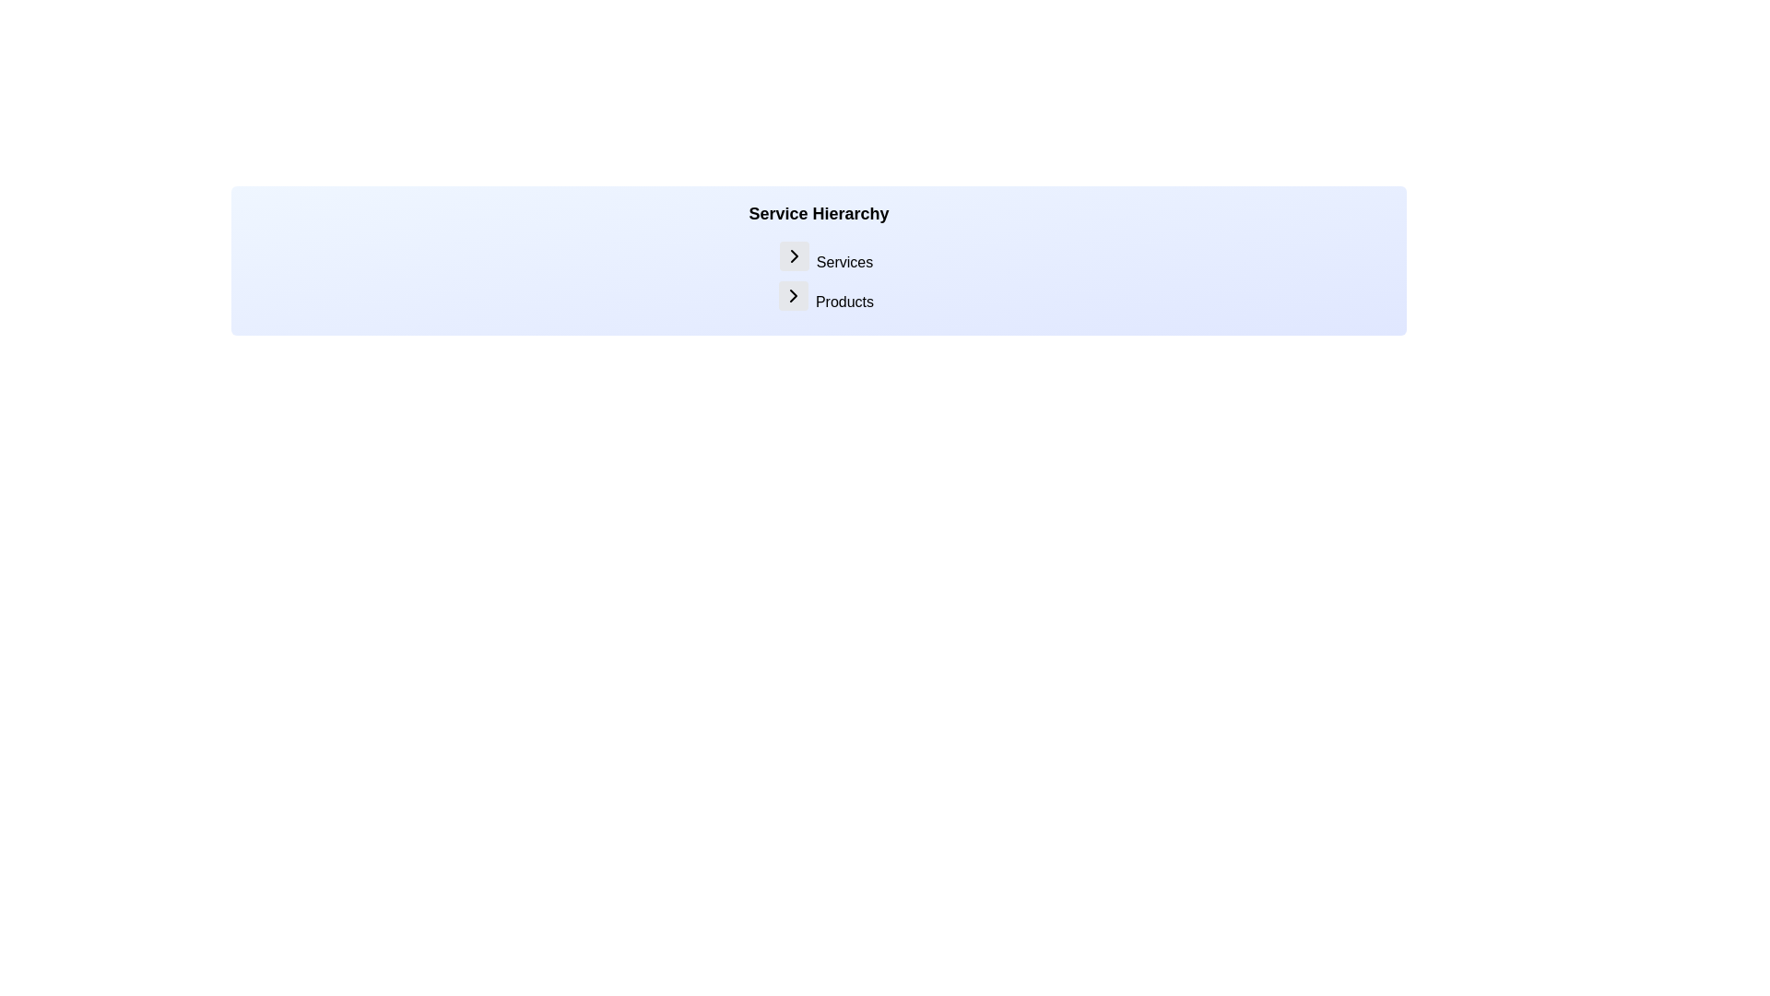  What do you see at coordinates (794, 255) in the screenshot?
I see `the Chevron icon for navigation or hierarchy expansion located to the right of the 'Services' text` at bounding box center [794, 255].